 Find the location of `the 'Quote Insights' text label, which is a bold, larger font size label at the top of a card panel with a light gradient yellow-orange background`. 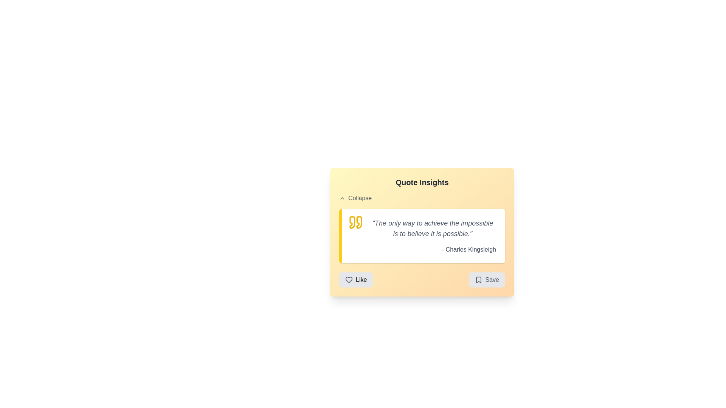

the 'Quote Insights' text label, which is a bold, larger font size label at the top of a card panel with a light gradient yellow-orange background is located at coordinates (422, 182).